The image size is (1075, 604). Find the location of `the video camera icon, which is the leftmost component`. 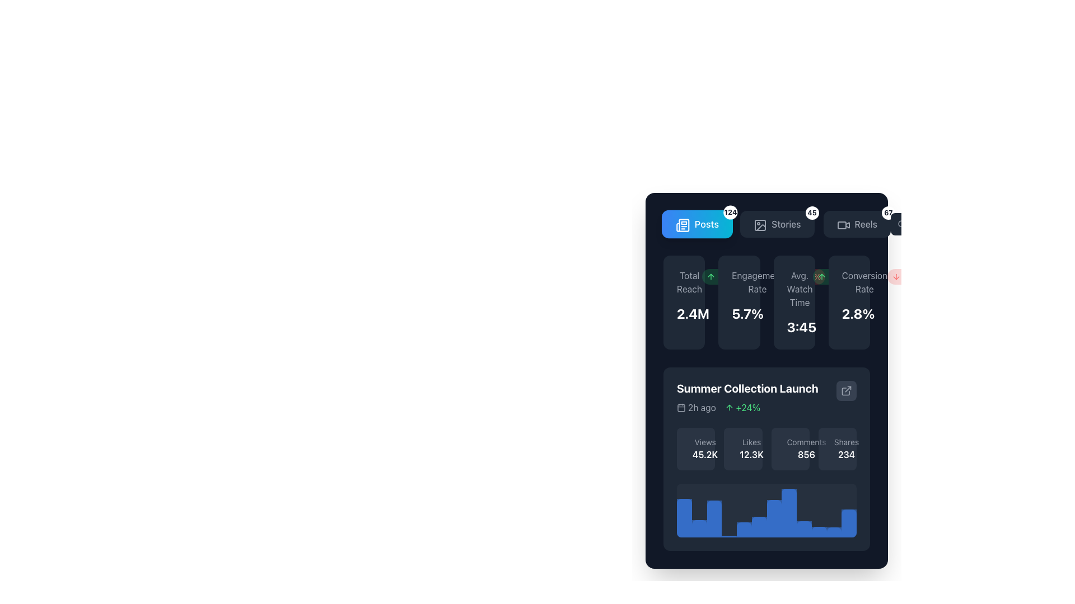

the video camera icon, which is the leftmost component is located at coordinates (842, 224).